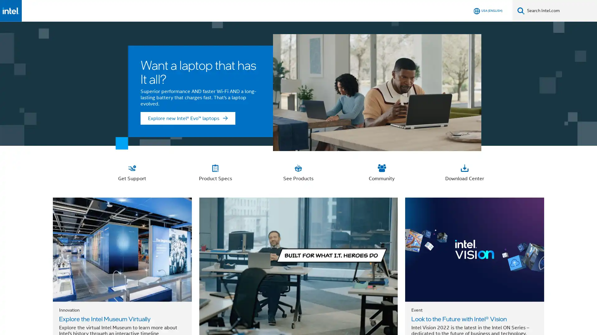 Image resolution: width=597 pixels, height=335 pixels. I want to click on Sign In, so click(463, 11).